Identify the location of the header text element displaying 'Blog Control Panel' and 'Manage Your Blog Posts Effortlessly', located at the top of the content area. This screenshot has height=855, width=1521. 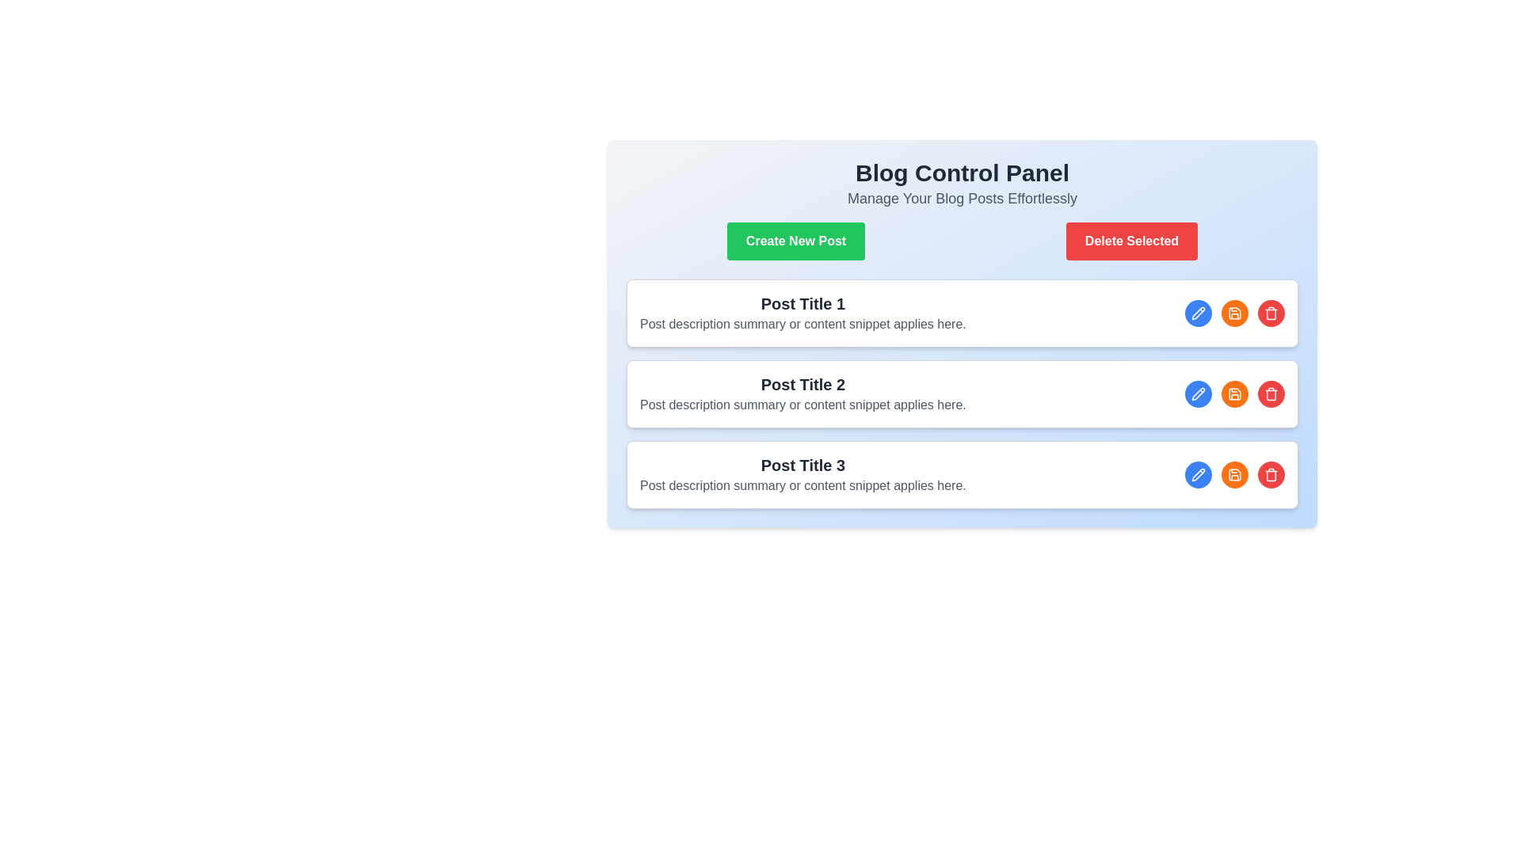
(961, 183).